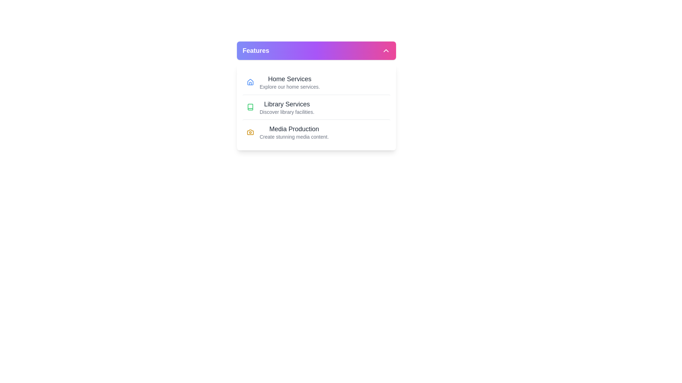 The width and height of the screenshot is (682, 383). What do you see at coordinates (250, 107) in the screenshot?
I see `the small green book icon located next to the 'Library Services' label in the dropdown menu titled 'Features'` at bounding box center [250, 107].